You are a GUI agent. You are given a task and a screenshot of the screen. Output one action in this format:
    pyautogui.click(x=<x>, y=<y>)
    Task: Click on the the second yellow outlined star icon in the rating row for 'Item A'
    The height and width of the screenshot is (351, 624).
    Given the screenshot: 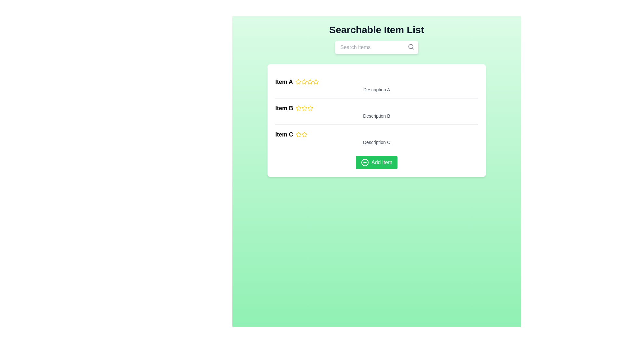 What is the action you would take?
    pyautogui.click(x=304, y=81)
    